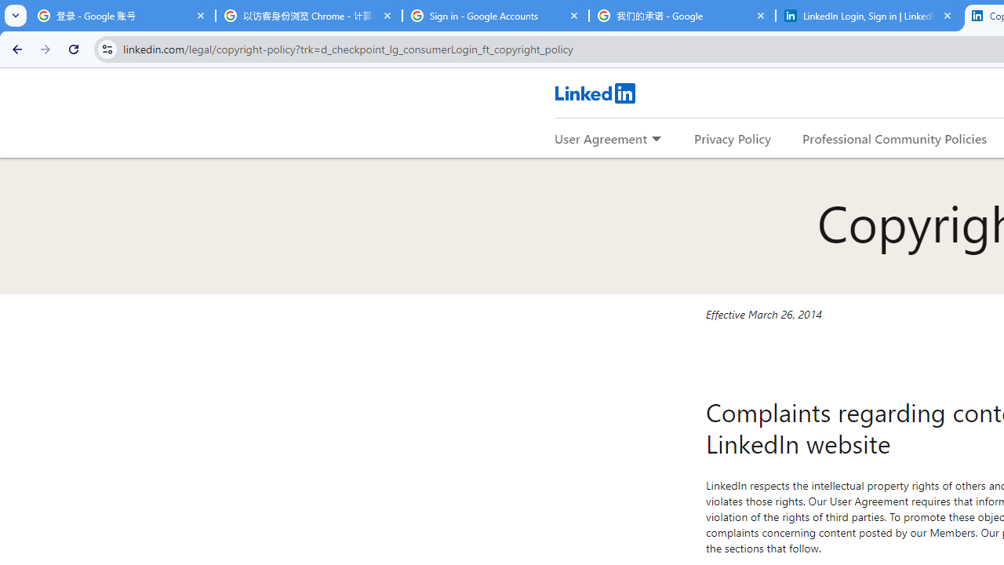 This screenshot has width=1004, height=565. Describe the element at coordinates (594, 93) in the screenshot. I see `'LinkedIn Logo'` at that location.